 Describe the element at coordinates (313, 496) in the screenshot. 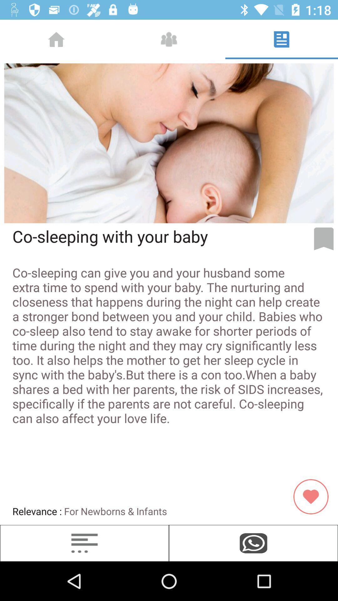

I see `the image which is beside relevance  for newborns  infants` at that location.